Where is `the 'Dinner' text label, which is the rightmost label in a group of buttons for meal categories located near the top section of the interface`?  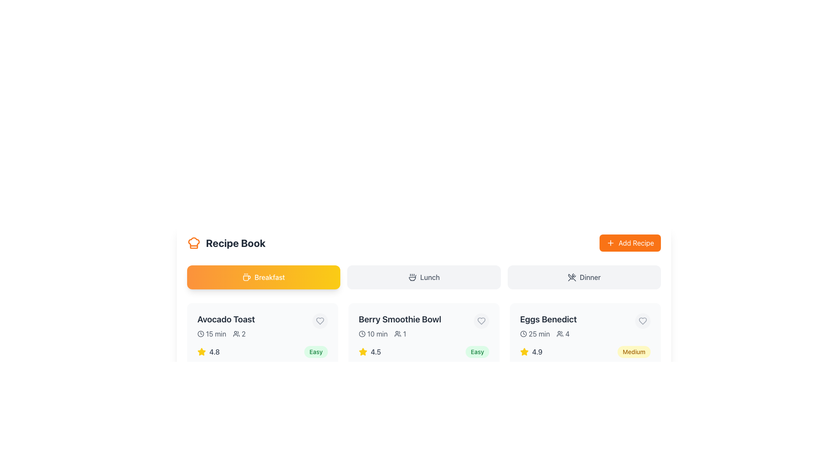
the 'Dinner' text label, which is the rightmost label in a group of buttons for meal categories located near the top section of the interface is located at coordinates (590, 277).